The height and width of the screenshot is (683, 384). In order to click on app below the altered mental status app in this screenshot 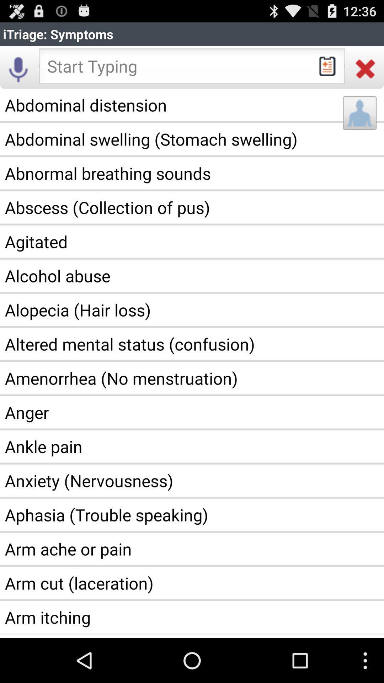, I will do `click(192, 378)`.